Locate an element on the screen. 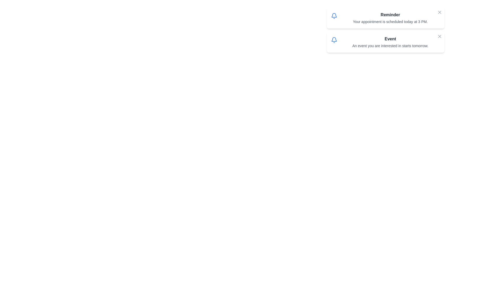  the compact 'X' icon button located at the top-right corner of the 'Reminder' notification card is located at coordinates (440, 12).